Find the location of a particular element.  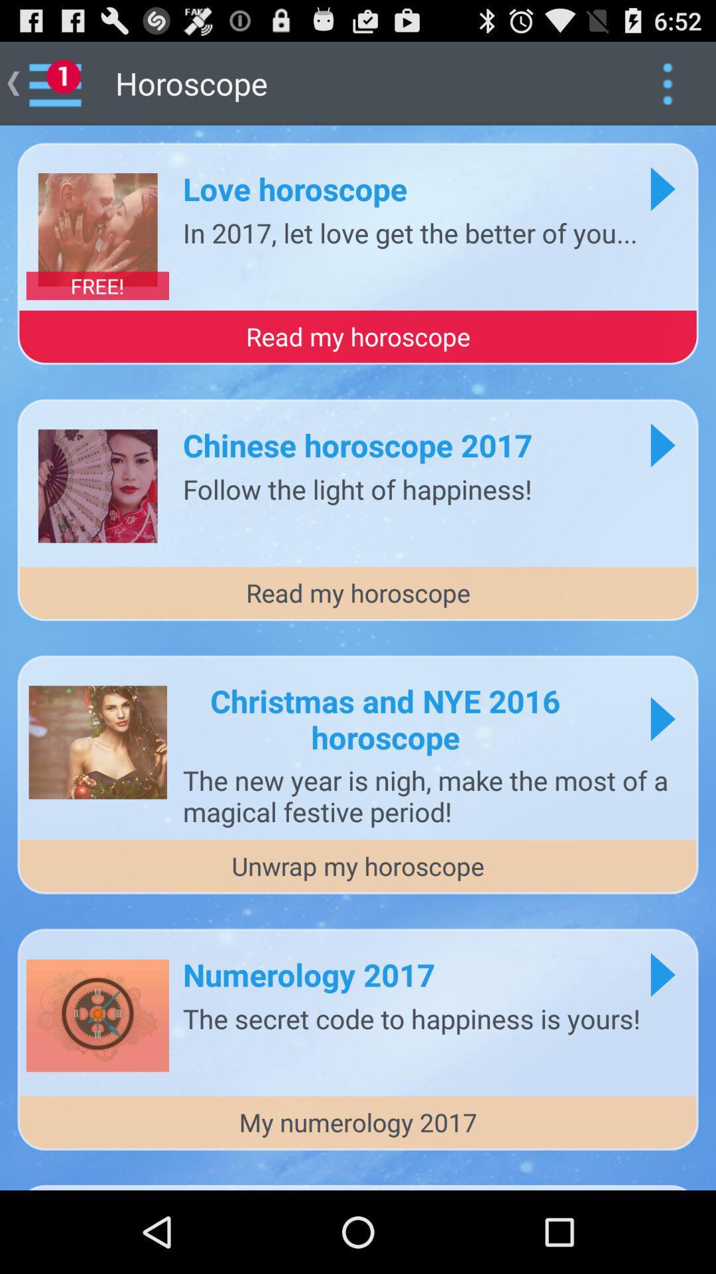

the app above the follow the light is located at coordinates (357, 445).